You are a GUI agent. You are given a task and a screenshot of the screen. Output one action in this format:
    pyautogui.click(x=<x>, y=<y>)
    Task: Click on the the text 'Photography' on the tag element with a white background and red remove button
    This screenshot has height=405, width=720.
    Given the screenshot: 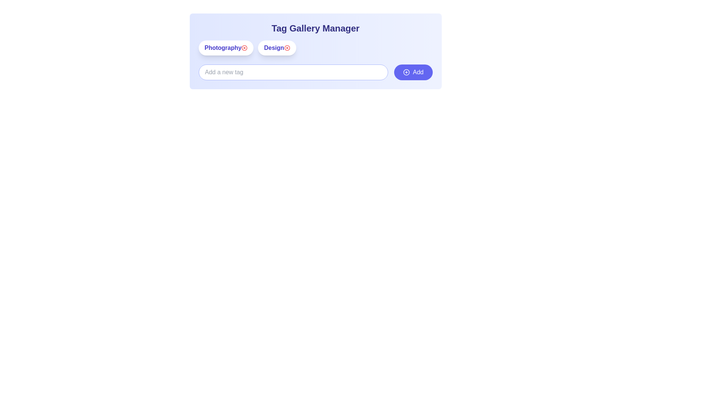 What is the action you would take?
    pyautogui.click(x=225, y=48)
    